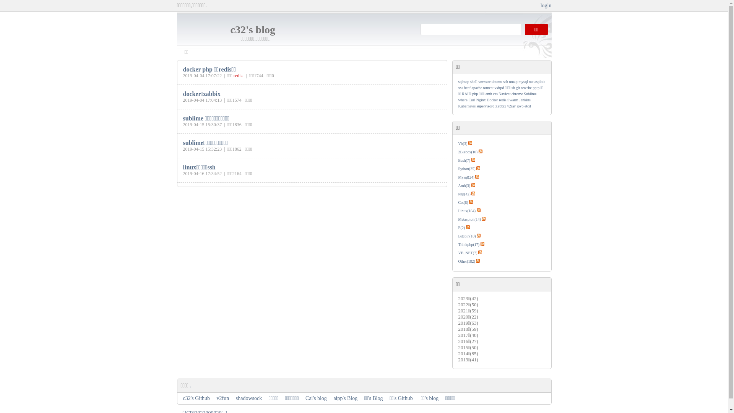 This screenshot has height=413, width=734. What do you see at coordinates (520, 106) in the screenshot?
I see `'ipv6'` at bounding box center [520, 106].